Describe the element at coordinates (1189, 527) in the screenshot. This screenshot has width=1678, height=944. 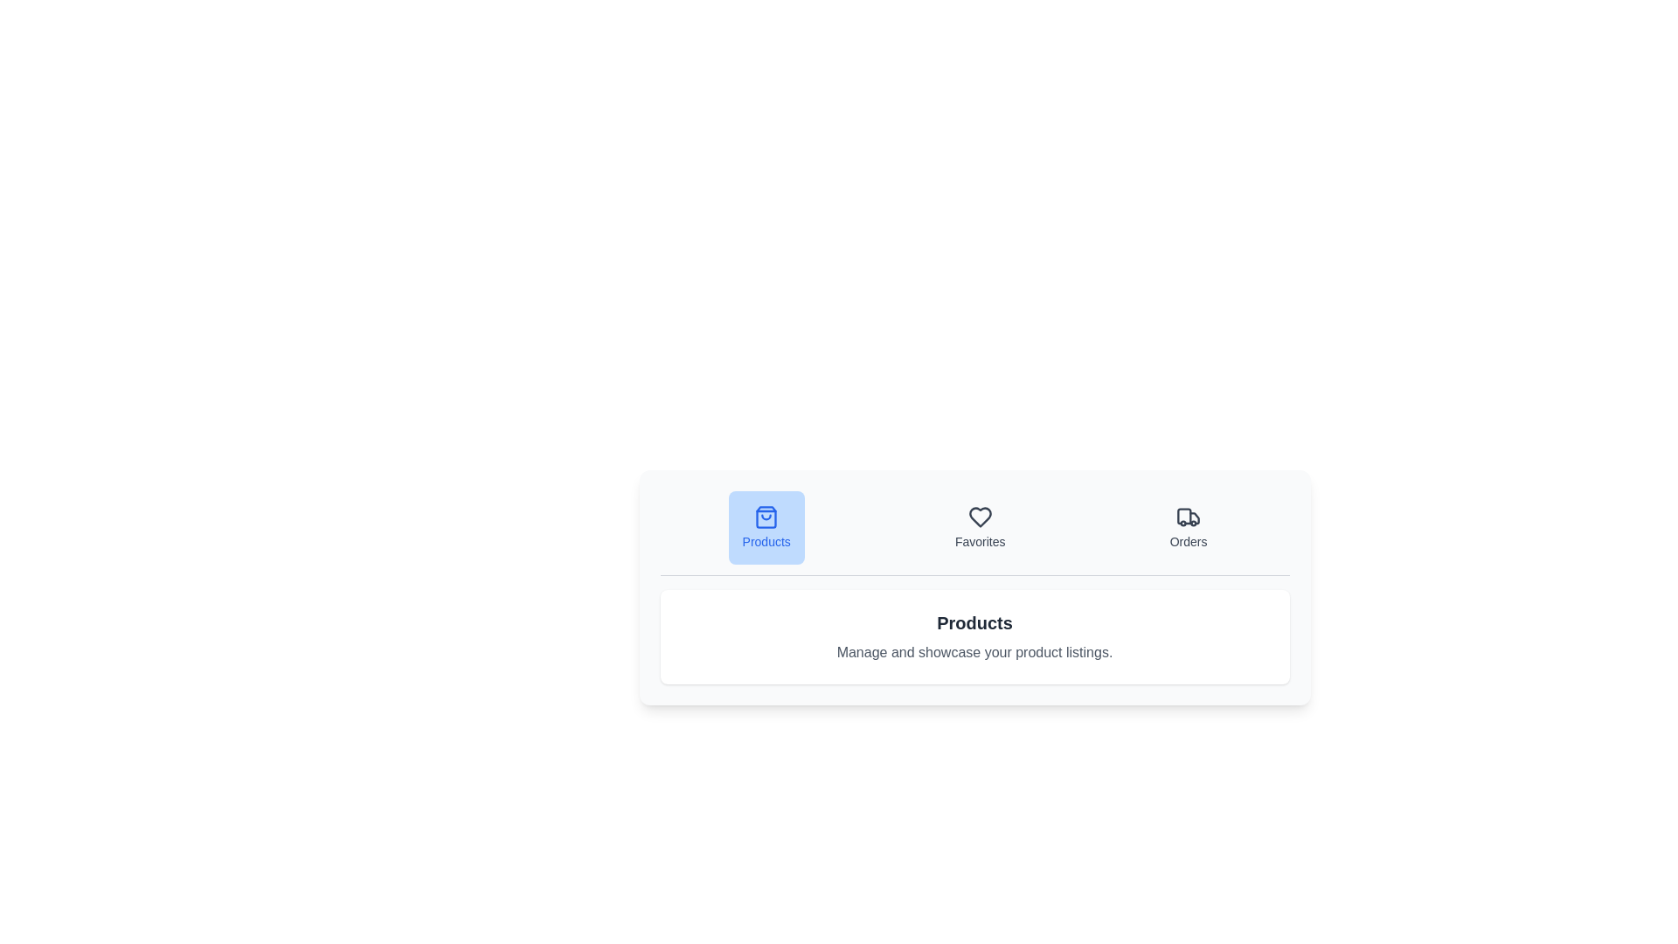
I see `the tab labeled Orders` at that location.